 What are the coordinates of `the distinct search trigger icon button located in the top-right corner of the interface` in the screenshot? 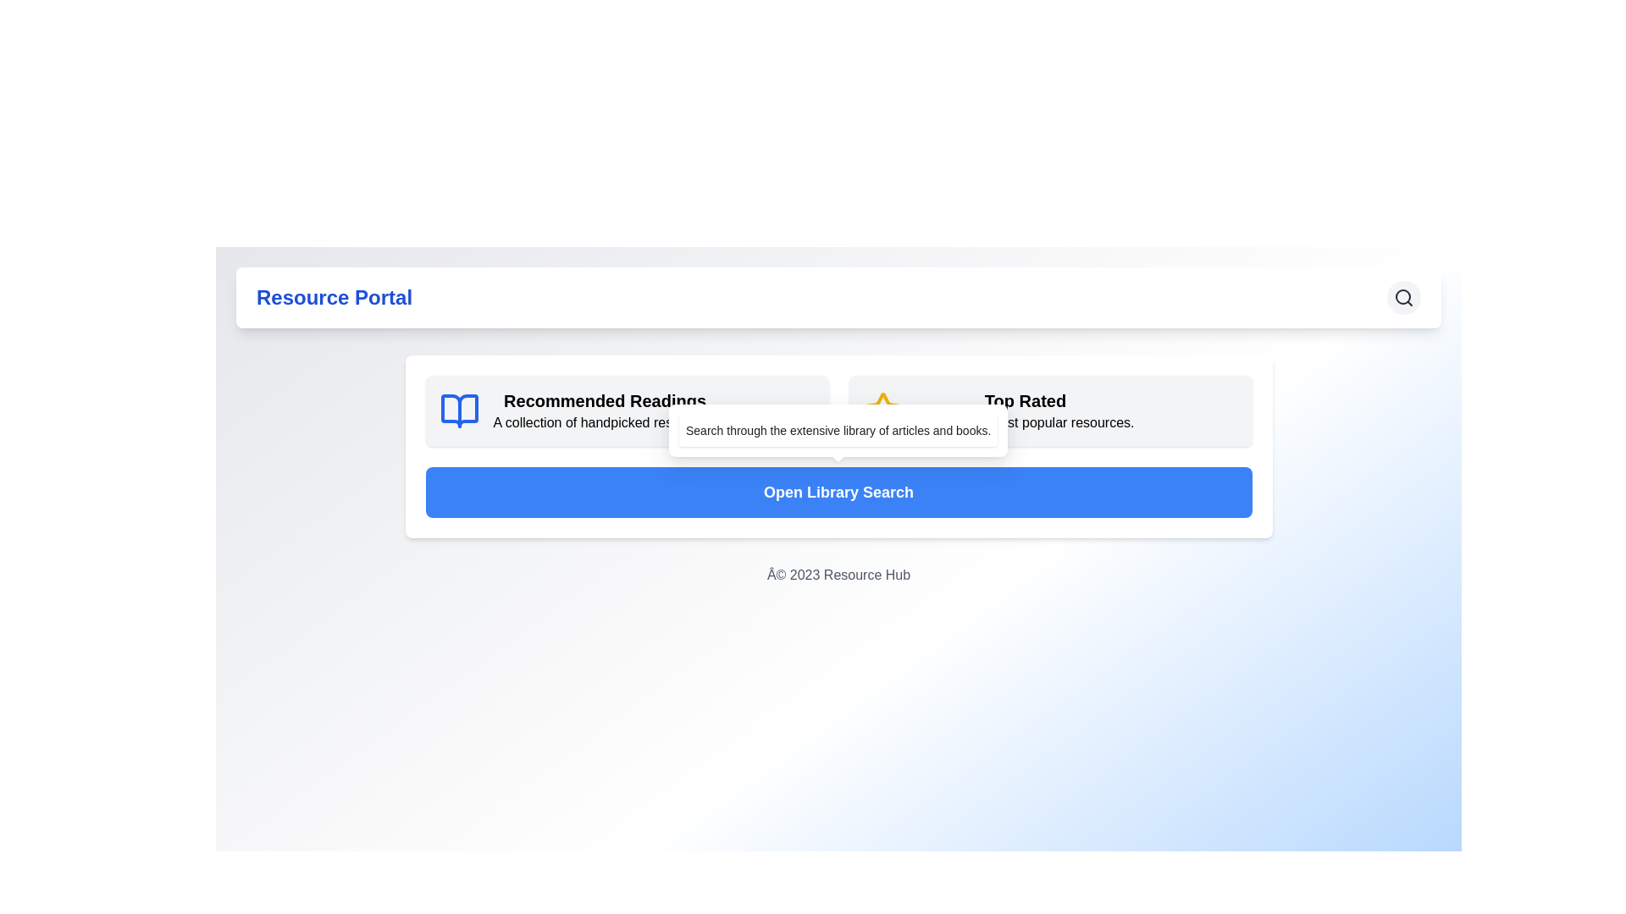 It's located at (1403, 296).